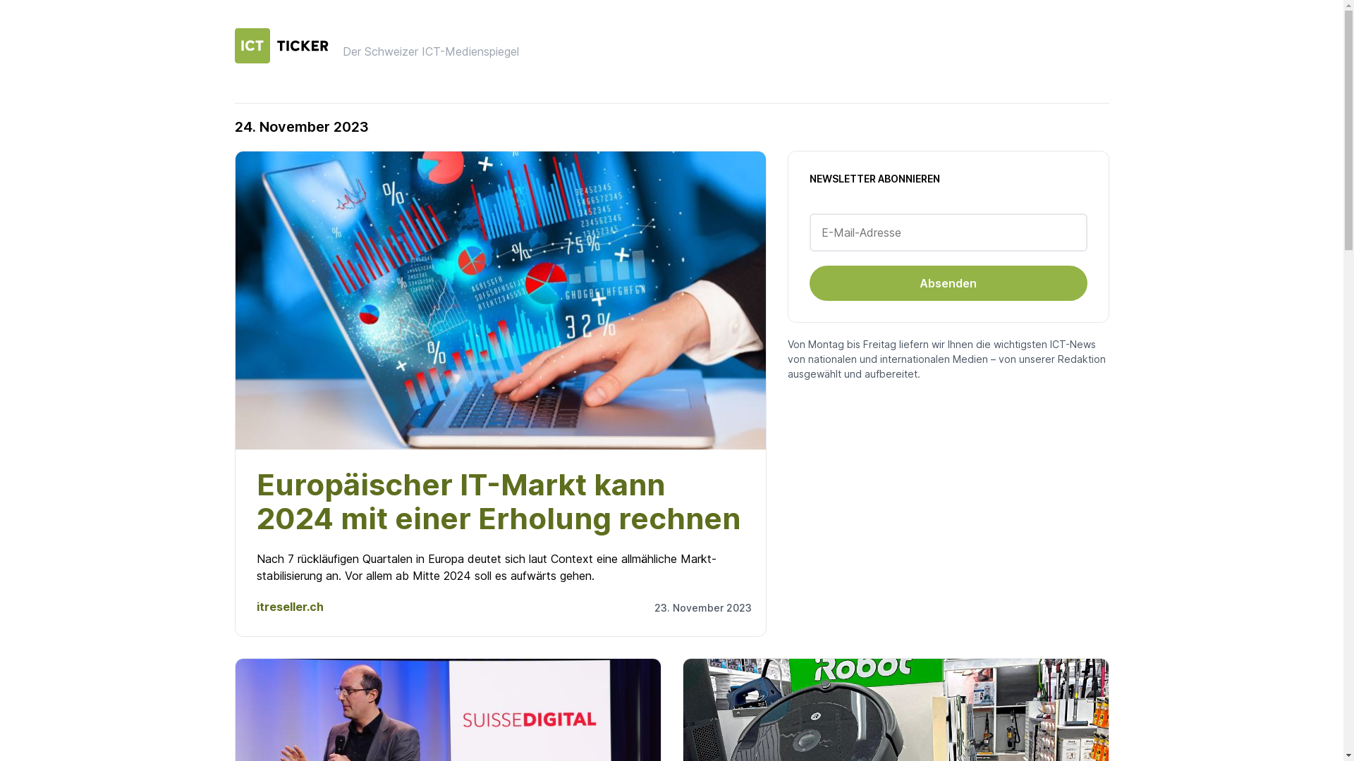  Describe the element at coordinates (289, 605) in the screenshot. I see `'itreseller.ch'` at that location.